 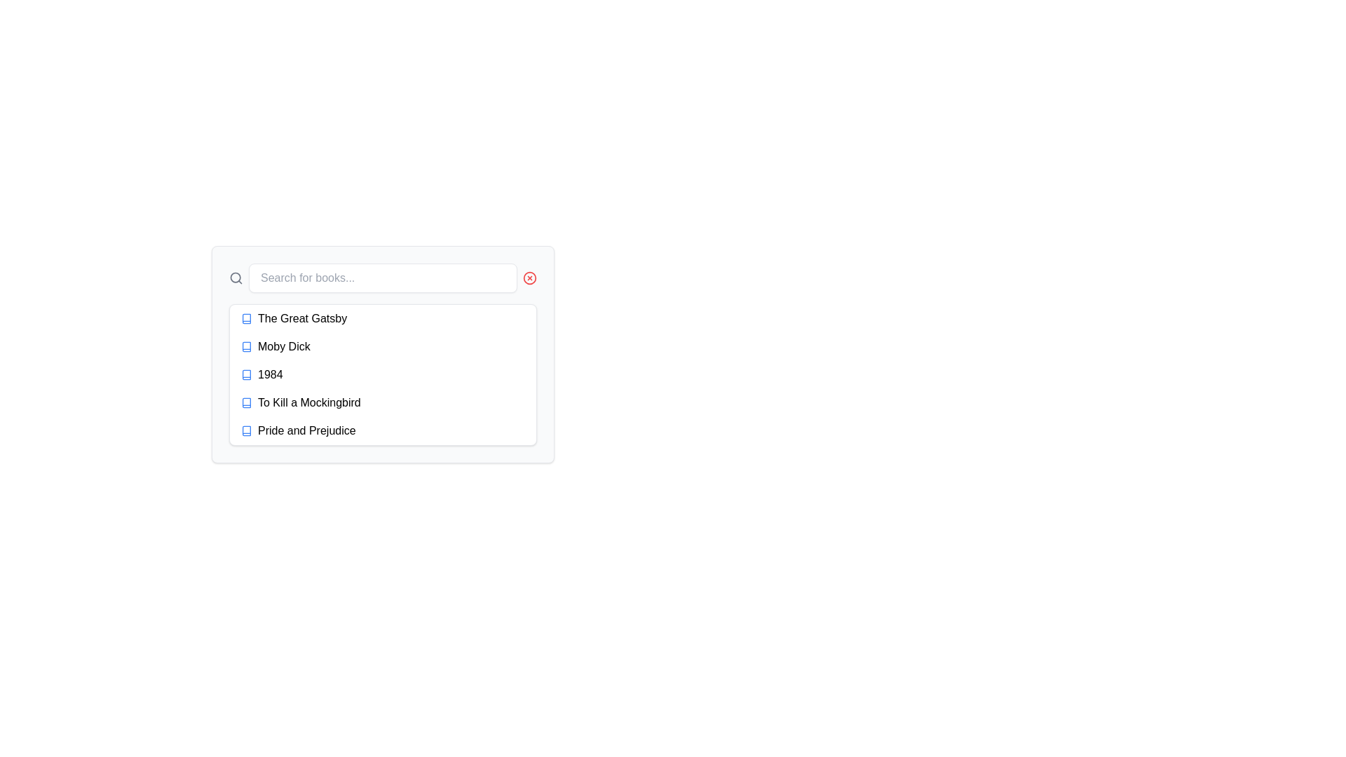 I want to click on the book icon that visually represents the text '1984', located in the third list item of a dropdown menu, so click(x=246, y=374).